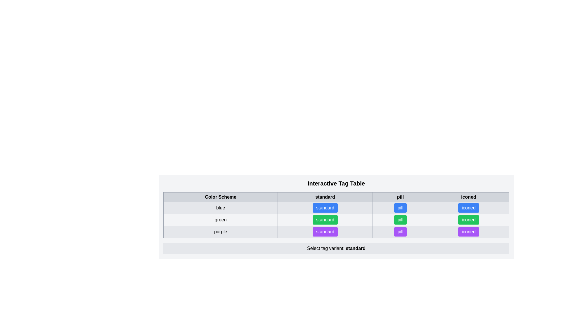 Image resolution: width=561 pixels, height=315 pixels. What do you see at coordinates (336, 220) in the screenshot?
I see `the button in the second row, second column under the 'standard' header, which represents the action for the green color scheme` at bounding box center [336, 220].